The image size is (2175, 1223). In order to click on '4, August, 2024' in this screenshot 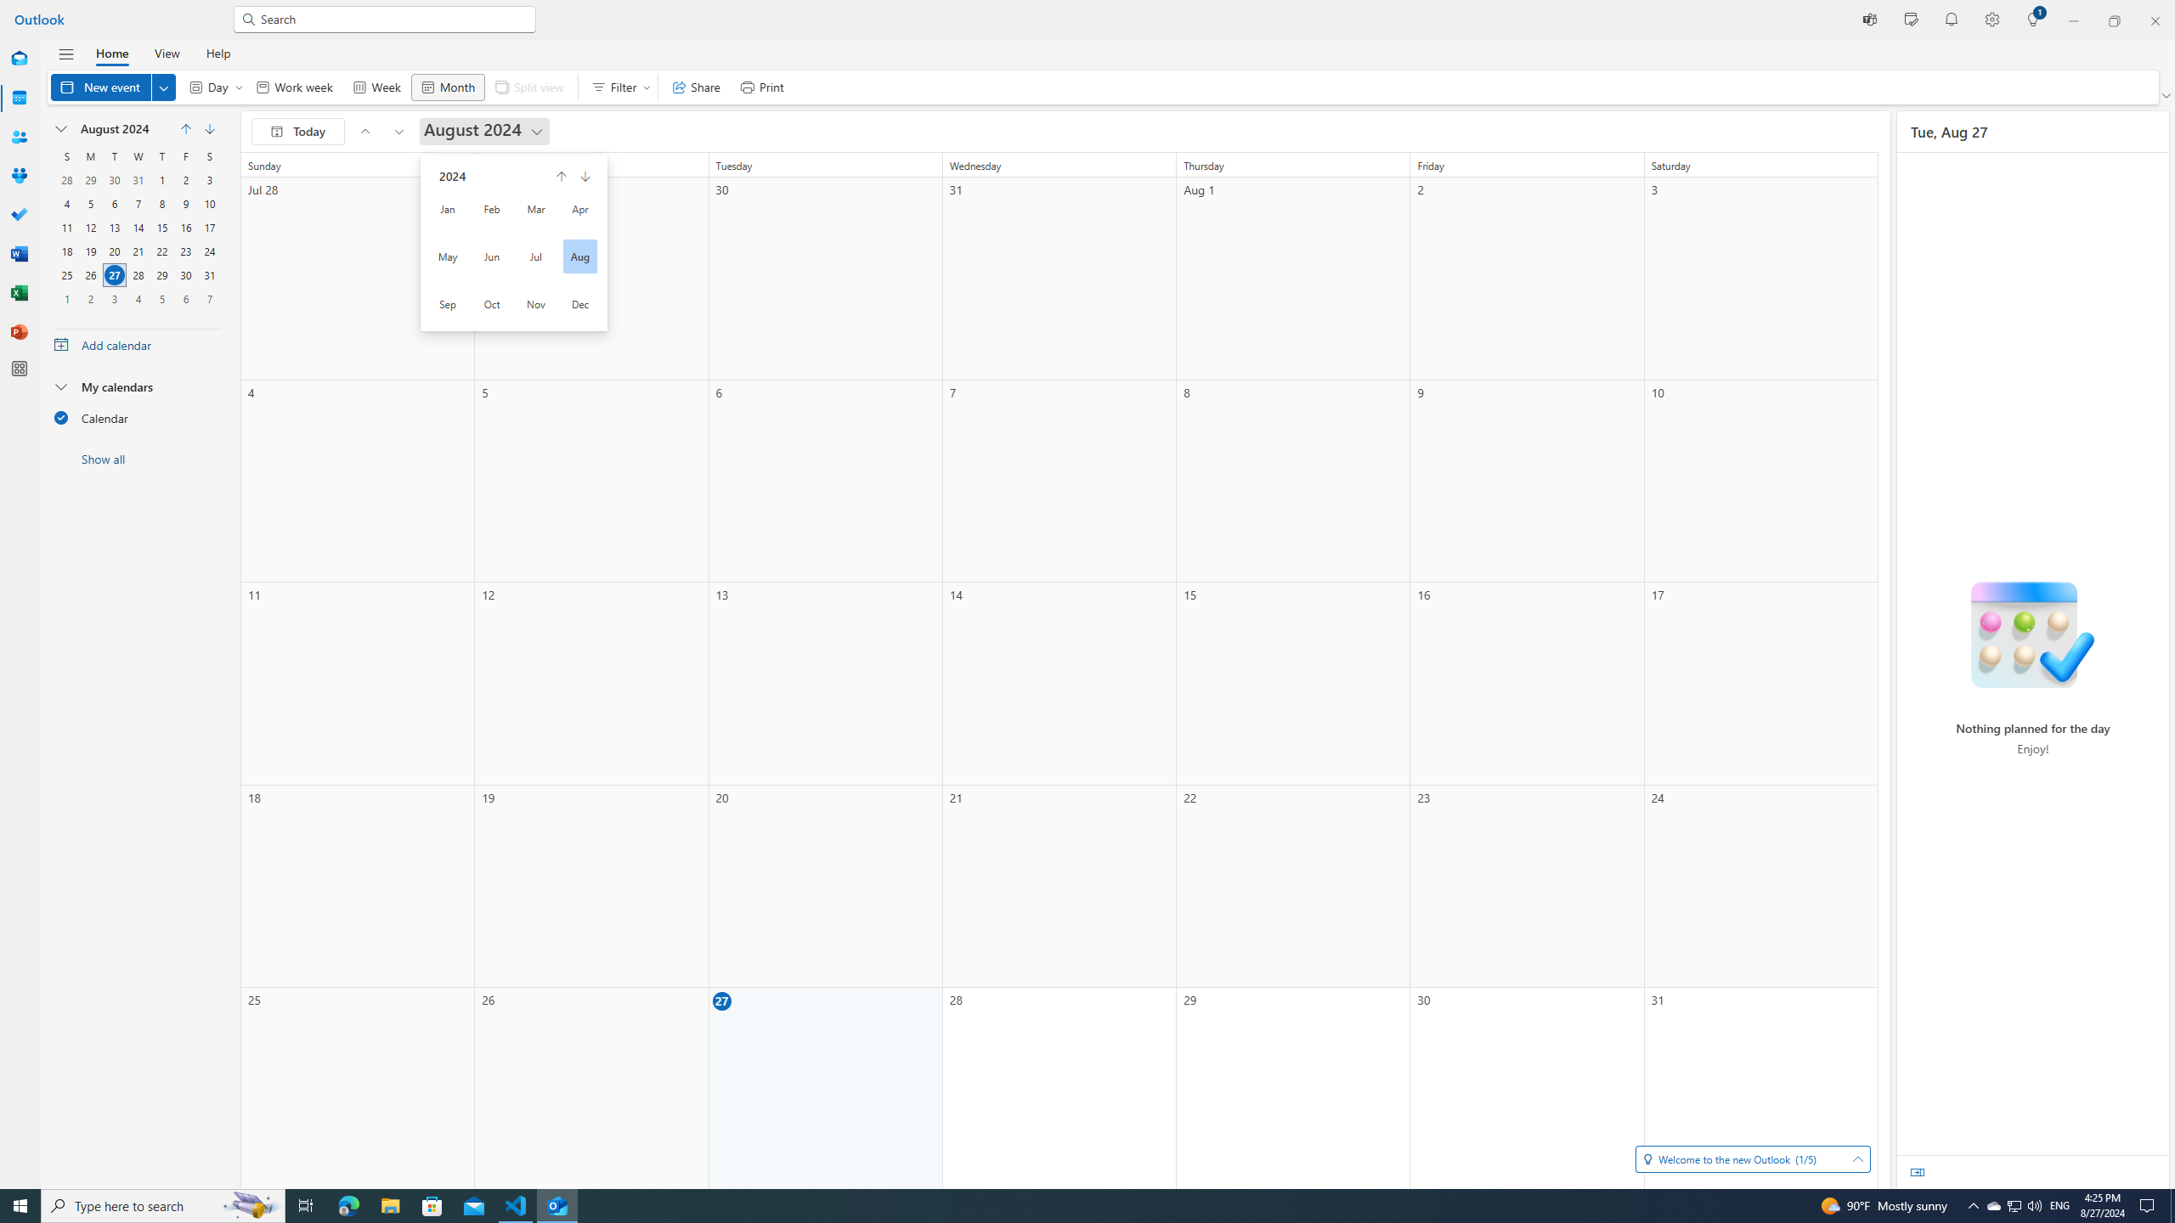, I will do `click(66, 202)`.